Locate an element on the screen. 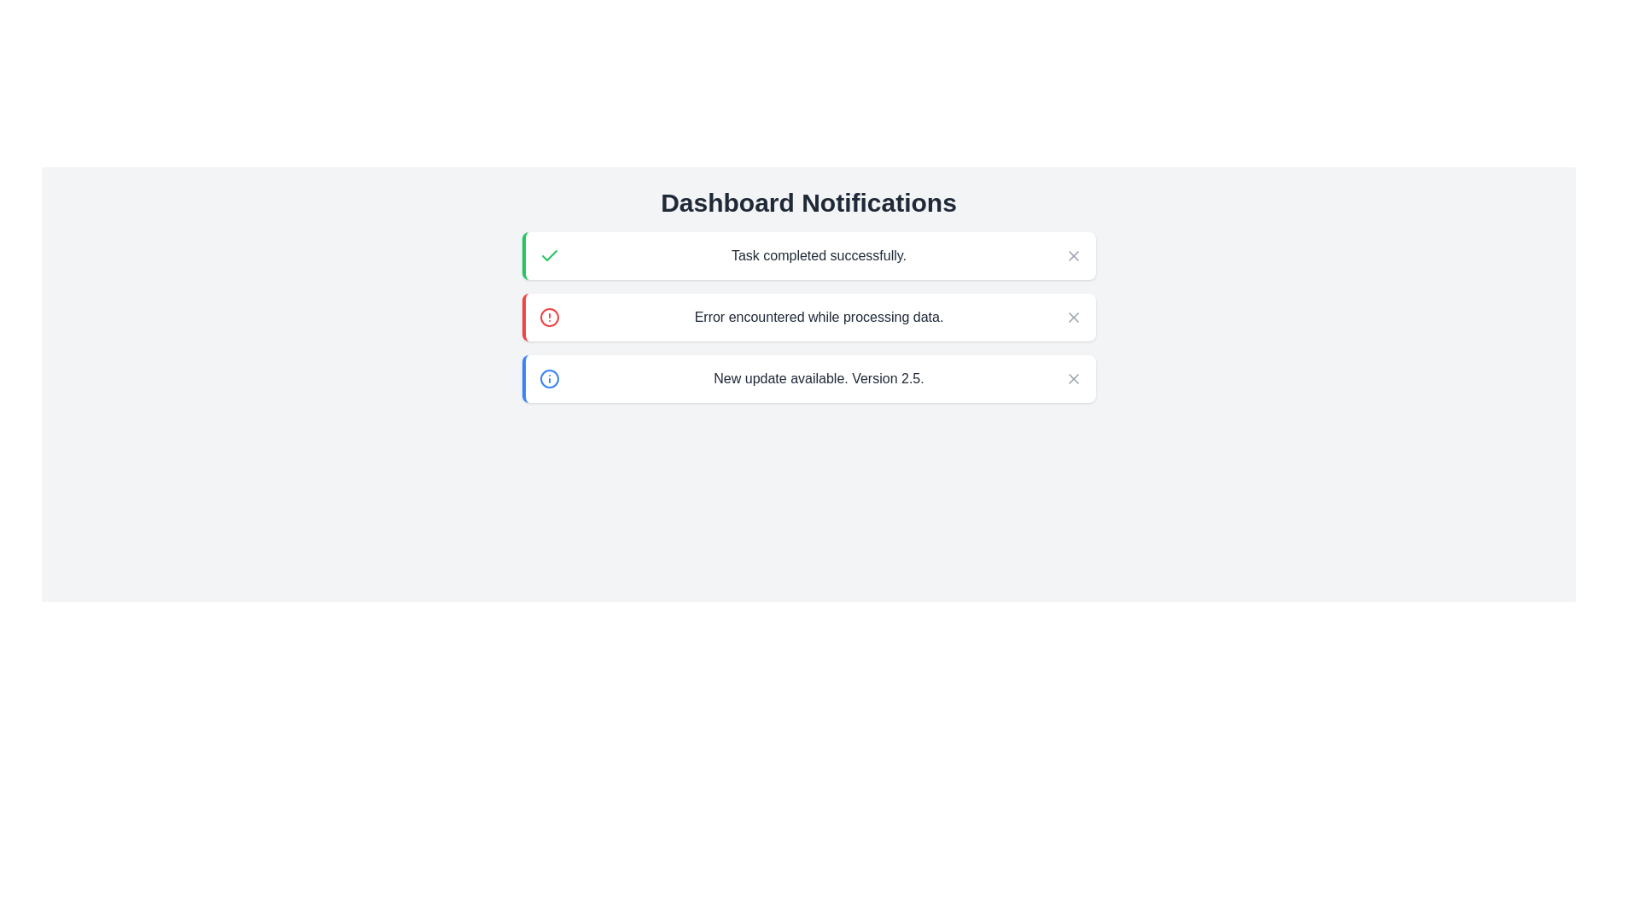  the decorative Circle in the SVG graphic located inside the third notification field from the top, which is highlighted with a blue outline is located at coordinates (549, 377).